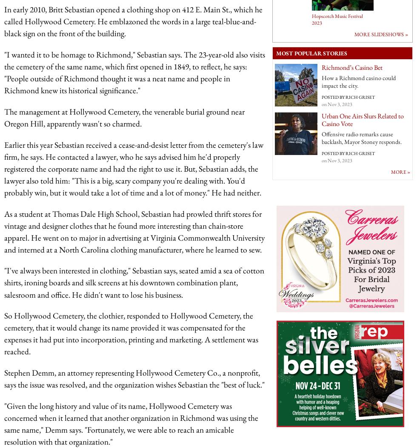  Describe the element at coordinates (131, 423) in the screenshot. I see `'"Given the long history and value of its name, Hollywood Cemetery was concerned when it learned that another organization in Richmond was using the same name," Demm says. "Fortunately, we were able to reach an amicable resolution with that organization."'` at that location.